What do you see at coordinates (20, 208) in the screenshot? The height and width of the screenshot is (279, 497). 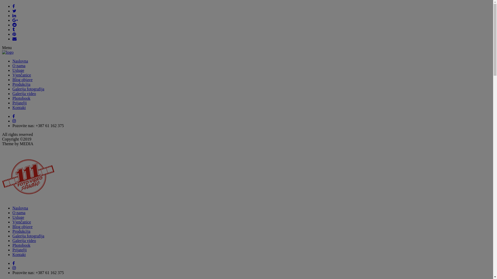 I see `'Naslovna'` at bounding box center [20, 208].